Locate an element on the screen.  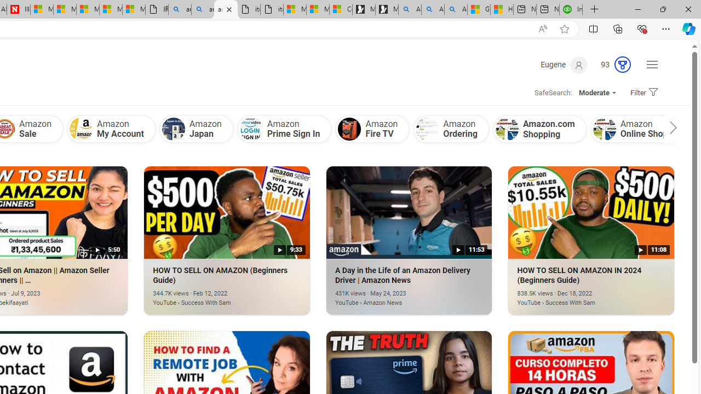
'Amazon Japan' is located at coordinates (196, 128).